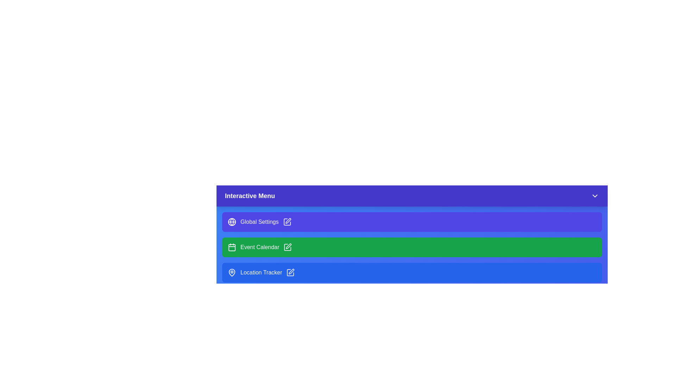 The image size is (676, 380). What do you see at coordinates (412, 196) in the screenshot?
I see `the menu header to toggle its visibility` at bounding box center [412, 196].